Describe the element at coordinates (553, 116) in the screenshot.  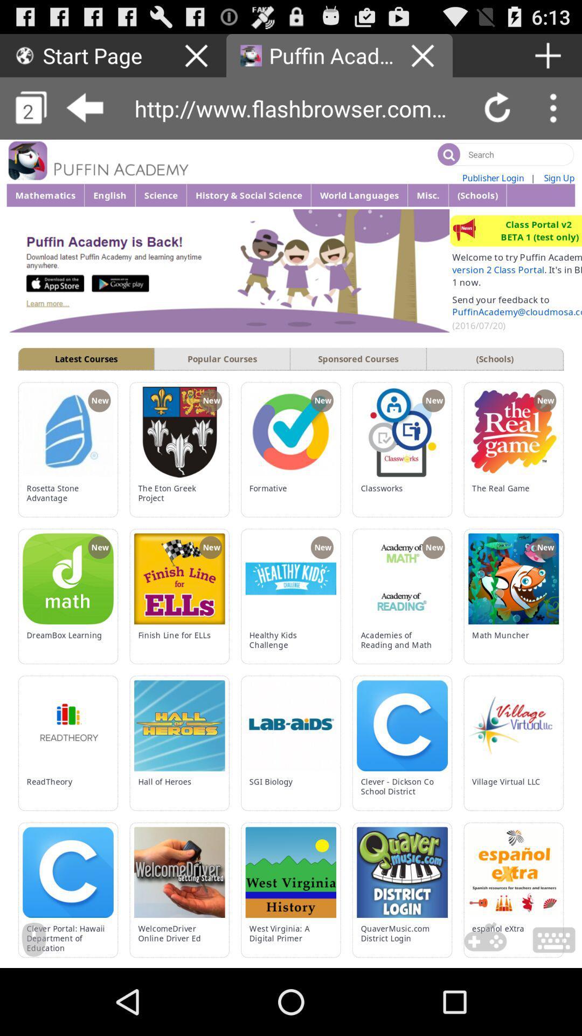
I see `the more icon` at that location.